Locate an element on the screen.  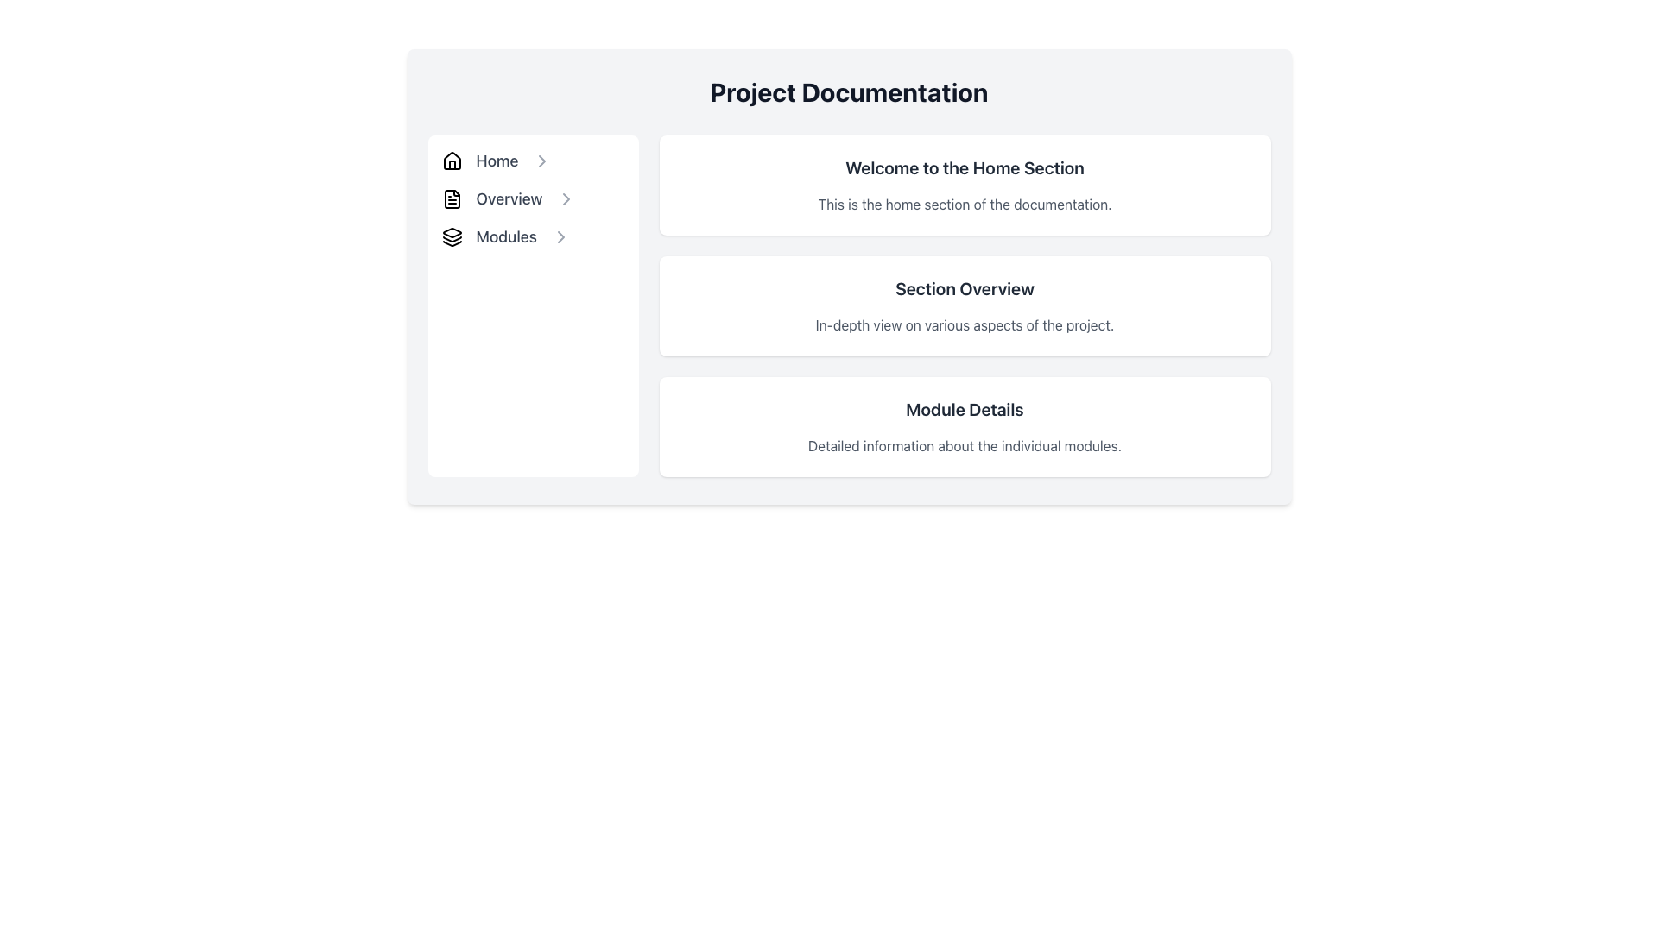
the 'Overview' link in the vertical navigation menu is located at coordinates (532, 198).